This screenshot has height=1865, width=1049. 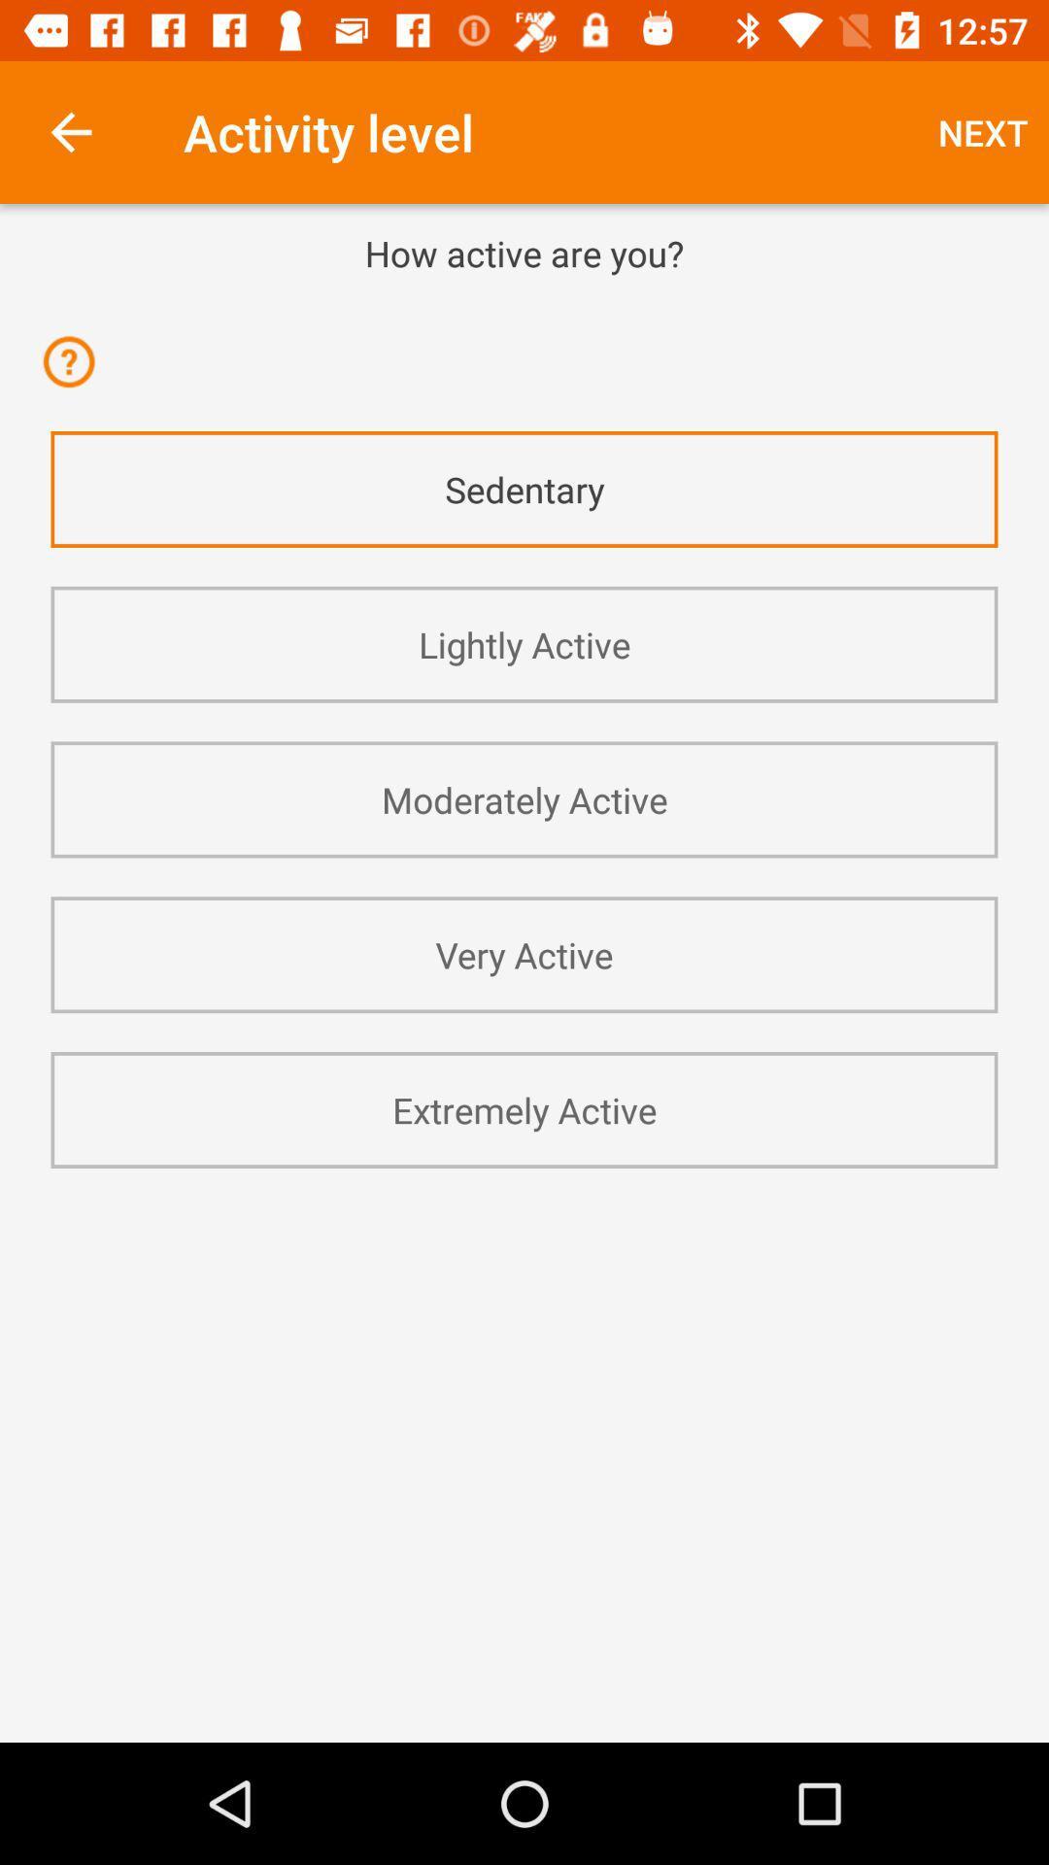 What do you see at coordinates (524, 1220) in the screenshot?
I see `app below the extremely active item` at bounding box center [524, 1220].